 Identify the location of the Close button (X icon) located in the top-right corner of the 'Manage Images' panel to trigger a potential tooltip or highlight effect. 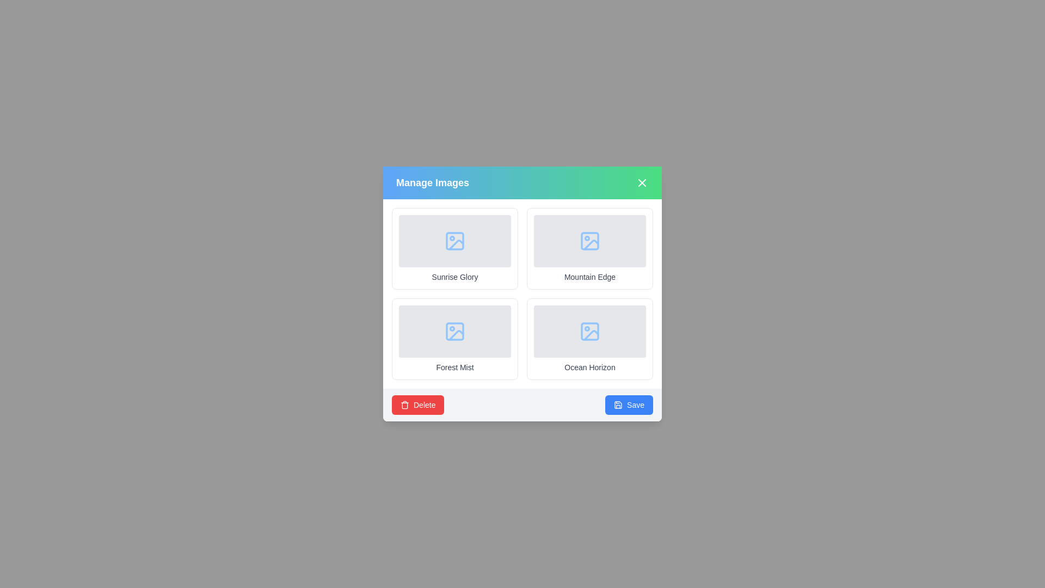
(642, 182).